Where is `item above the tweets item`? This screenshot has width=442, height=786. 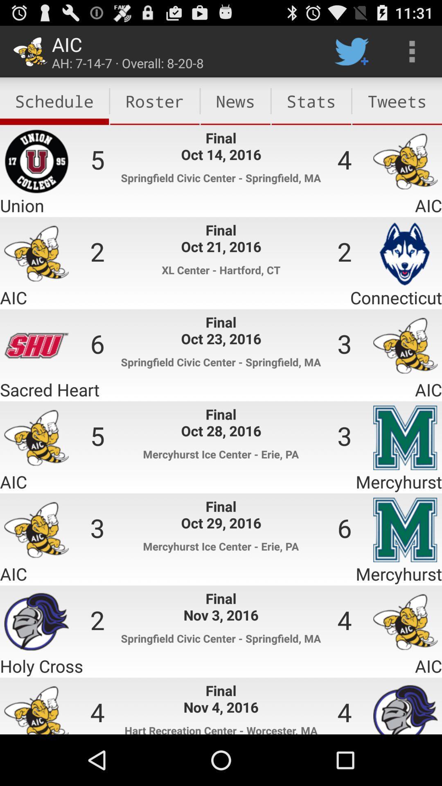 item above the tweets item is located at coordinates (412, 51).